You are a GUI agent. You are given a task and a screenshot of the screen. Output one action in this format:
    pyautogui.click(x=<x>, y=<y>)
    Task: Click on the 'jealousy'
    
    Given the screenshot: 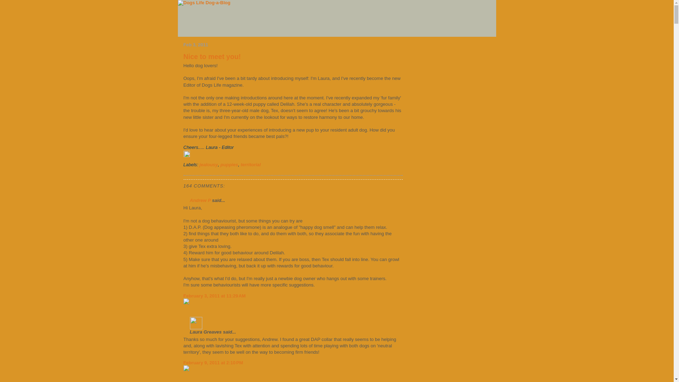 What is the action you would take?
    pyautogui.click(x=208, y=164)
    